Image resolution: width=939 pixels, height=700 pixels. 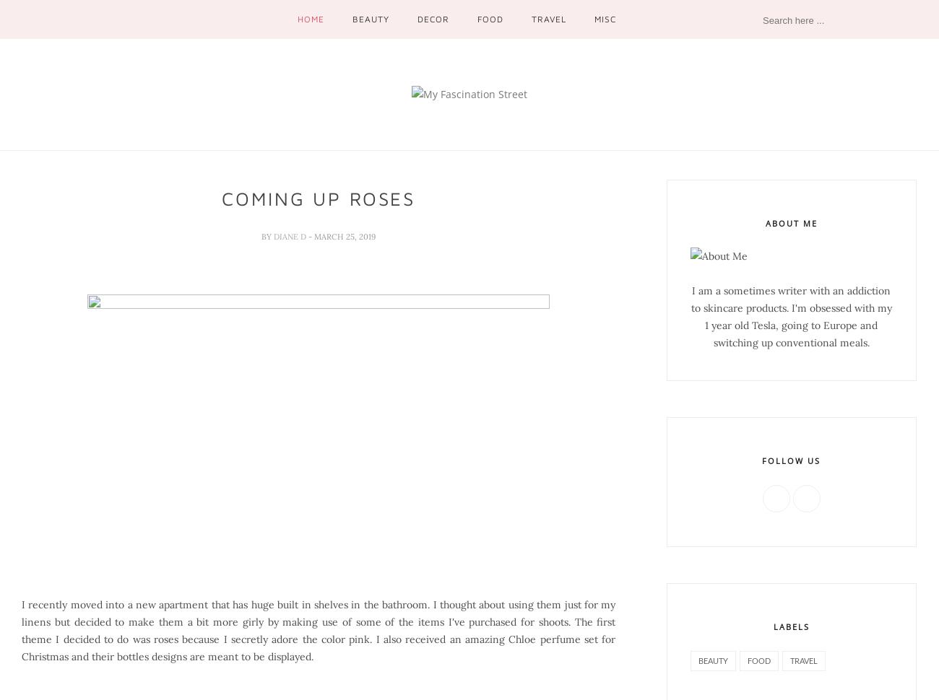 What do you see at coordinates (711, 660) in the screenshot?
I see `'beauty'` at bounding box center [711, 660].